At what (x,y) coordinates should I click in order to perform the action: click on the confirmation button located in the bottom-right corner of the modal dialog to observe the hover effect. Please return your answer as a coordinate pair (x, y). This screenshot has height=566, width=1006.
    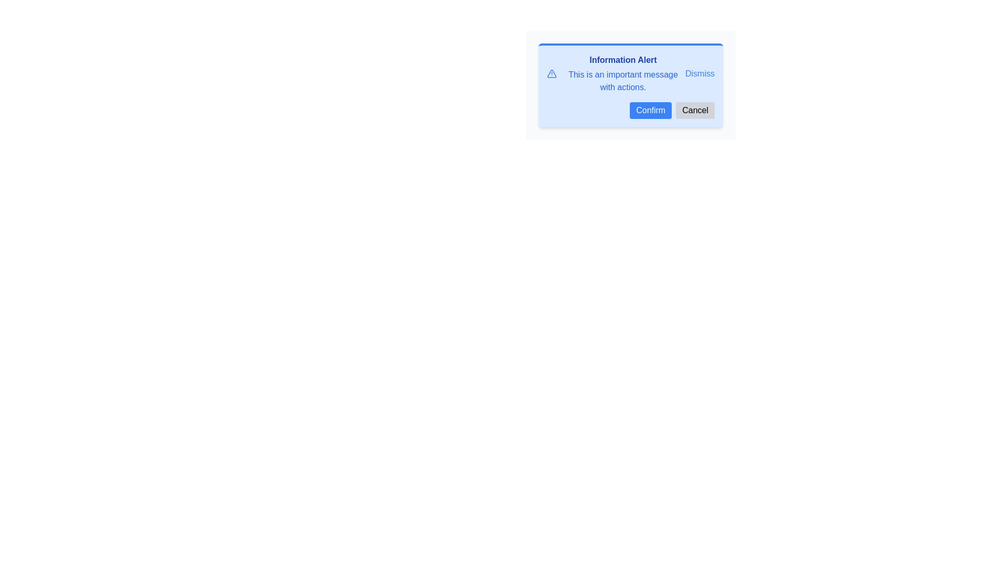
    Looking at the image, I should click on (650, 111).